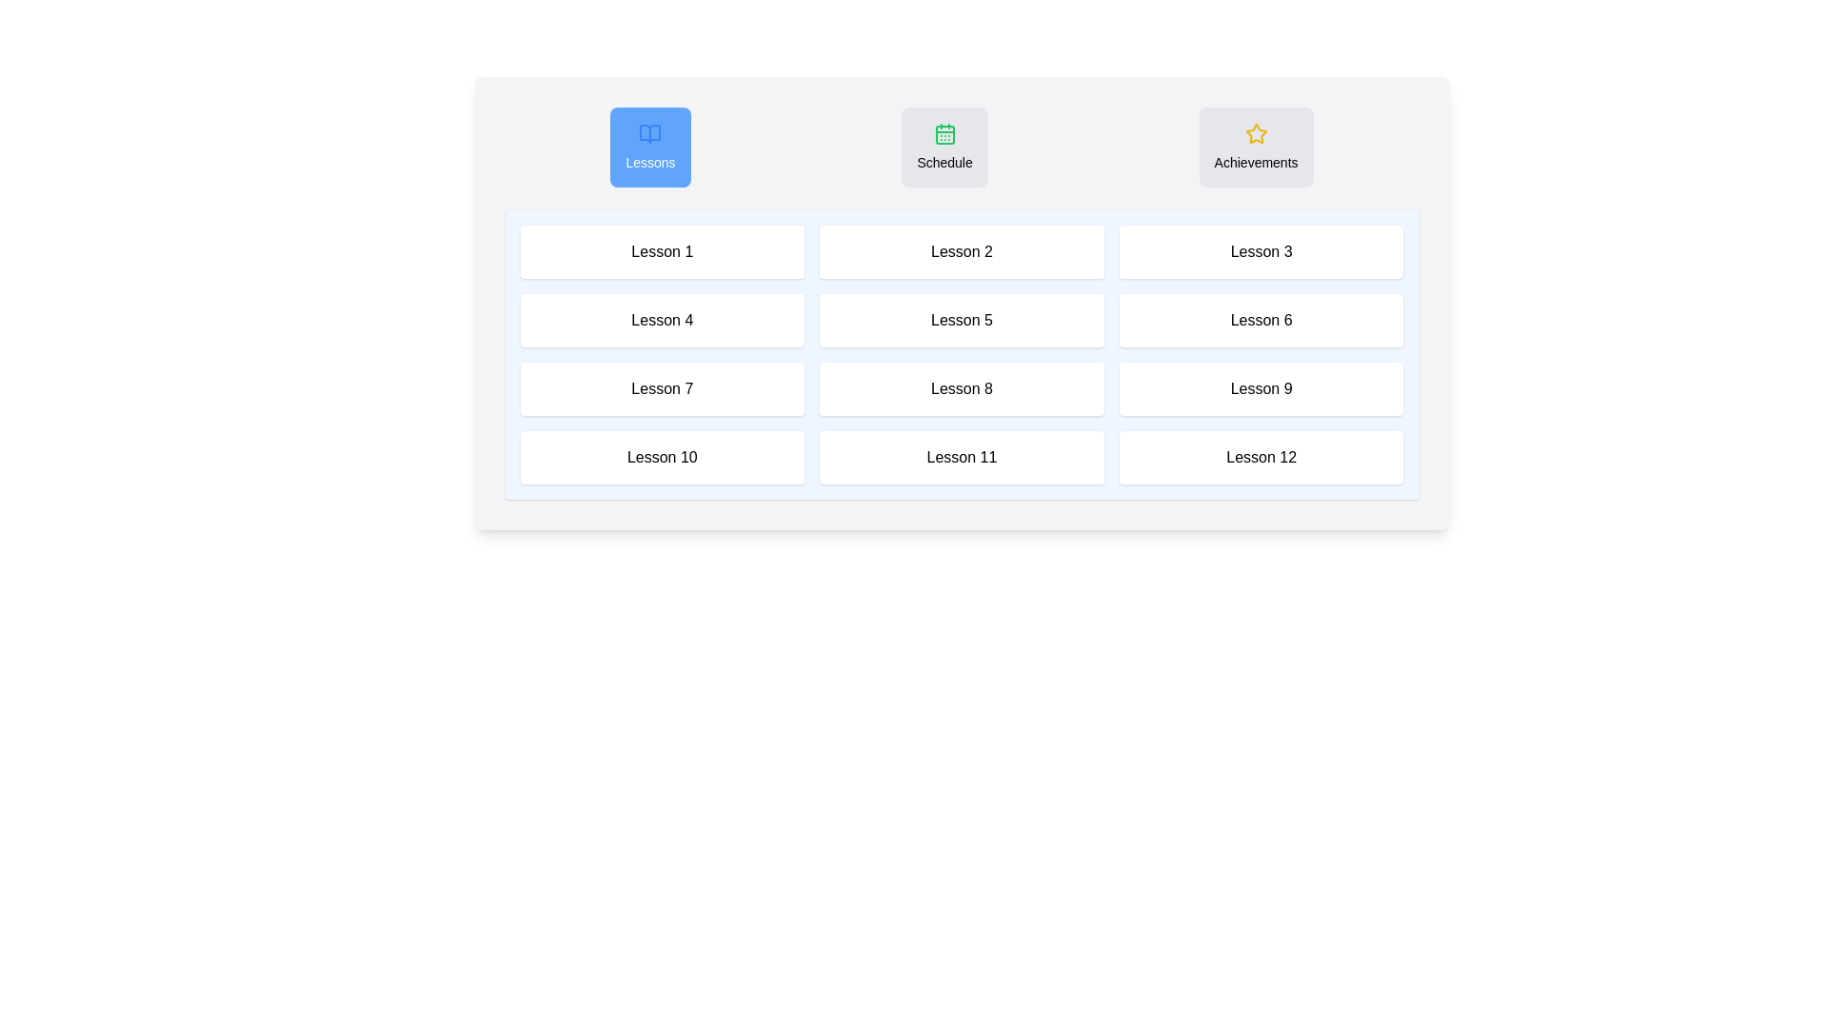 This screenshot has height=1028, width=1828. I want to click on the Schedule tab by clicking on its button, so click(944, 146).